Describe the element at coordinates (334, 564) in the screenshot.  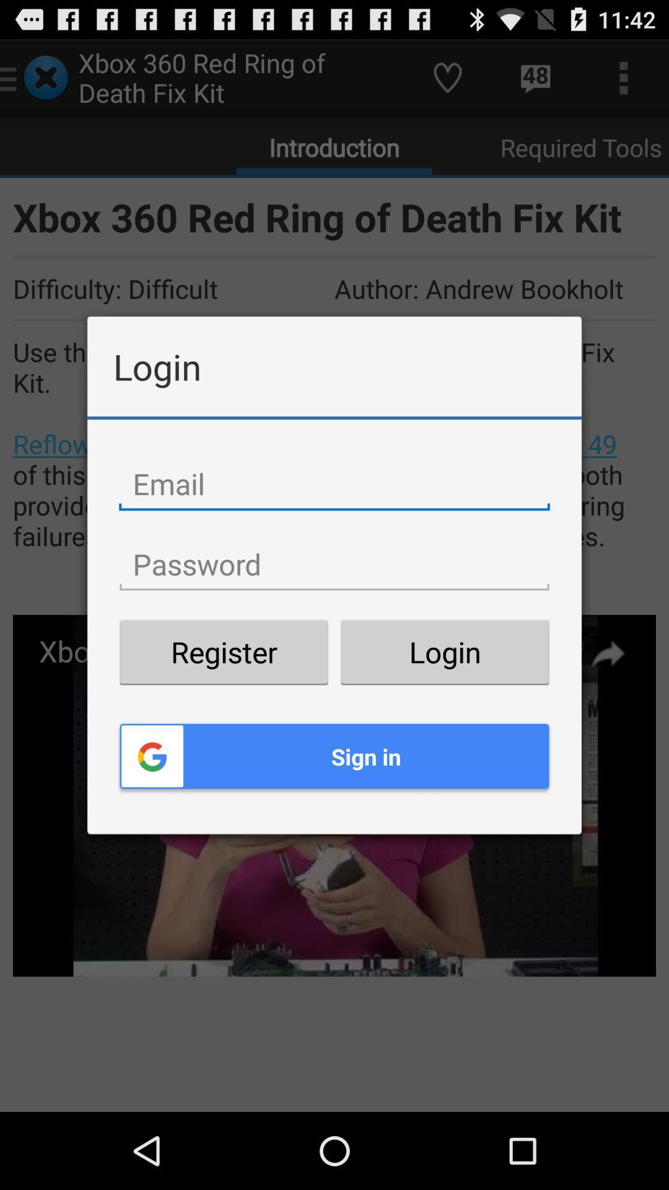
I see `type your password` at that location.